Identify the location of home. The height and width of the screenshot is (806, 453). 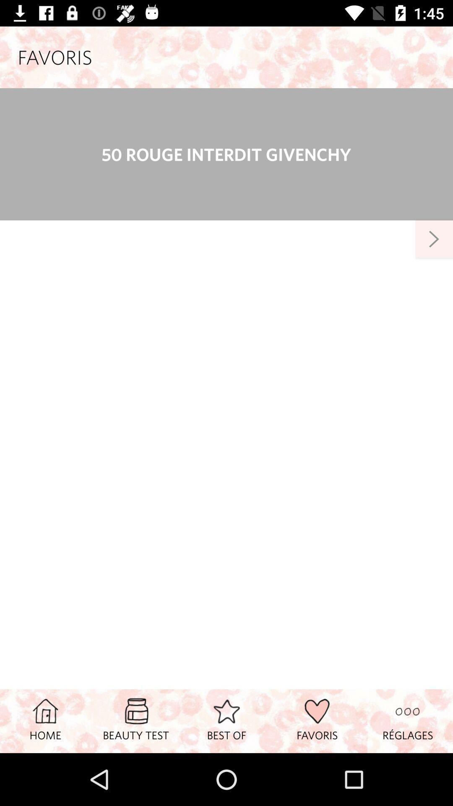
(45, 720).